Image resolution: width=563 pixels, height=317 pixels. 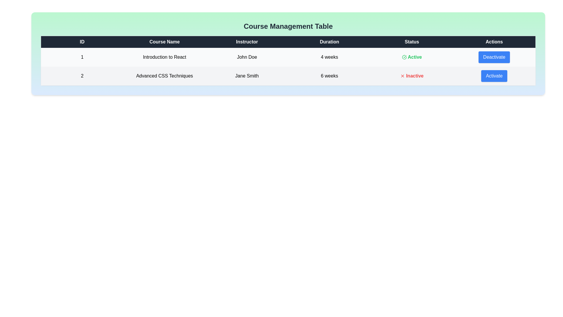 I want to click on the 'Inactive' label with a red cross icon located in the 'Status' column of the second row of the table, so click(x=411, y=75).